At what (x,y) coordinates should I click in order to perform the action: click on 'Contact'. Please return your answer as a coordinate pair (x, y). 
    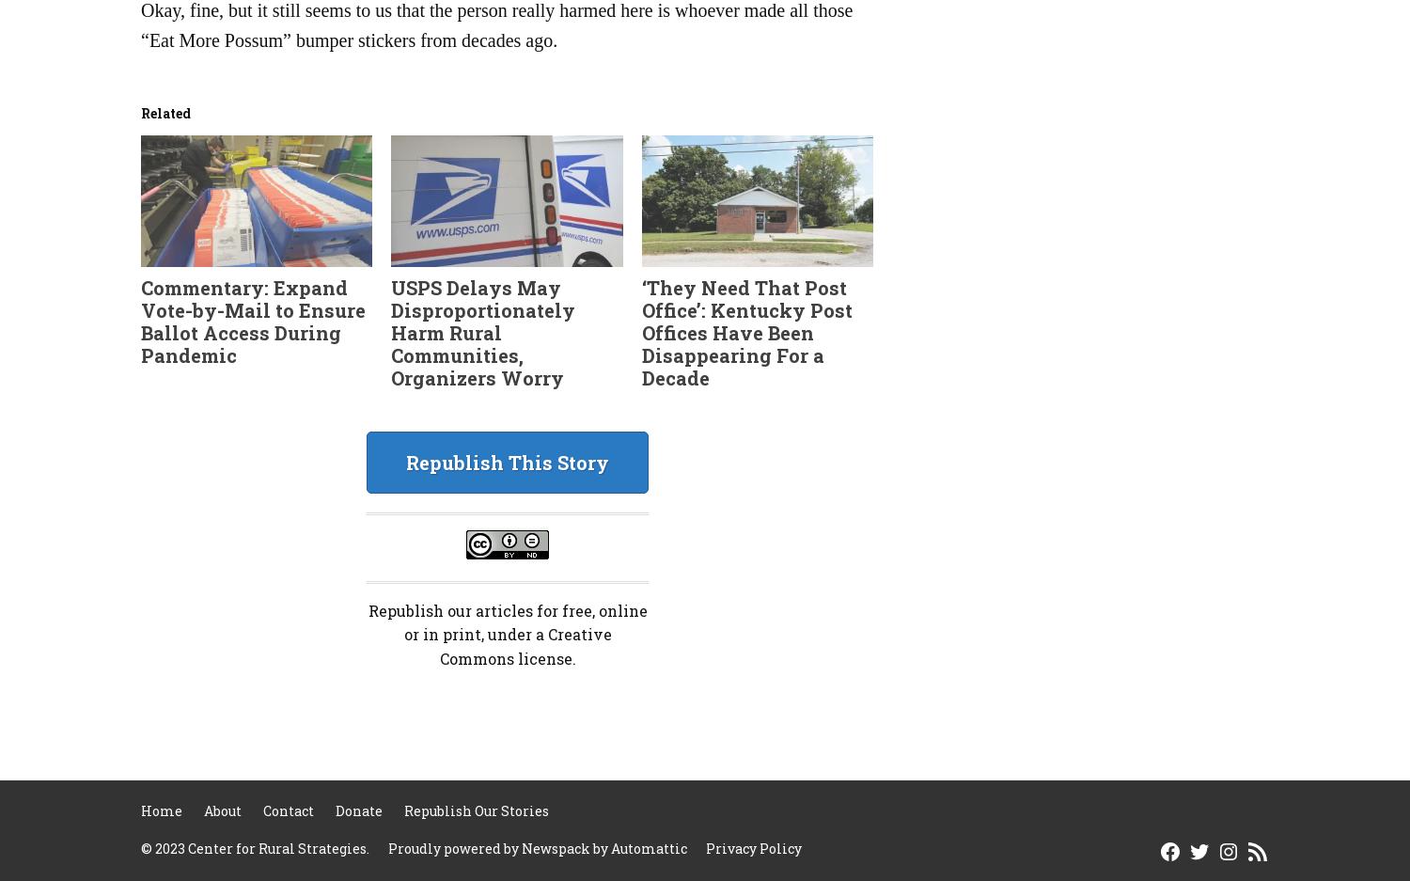
    Looking at the image, I should click on (289, 810).